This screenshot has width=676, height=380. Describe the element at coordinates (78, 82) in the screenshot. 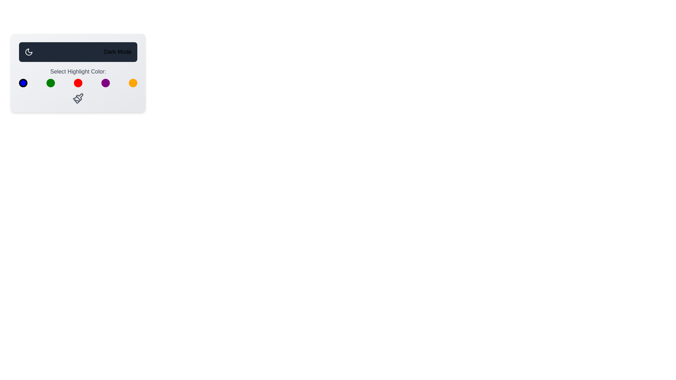

I see `the third circular button in a row of five buttons` at that location.